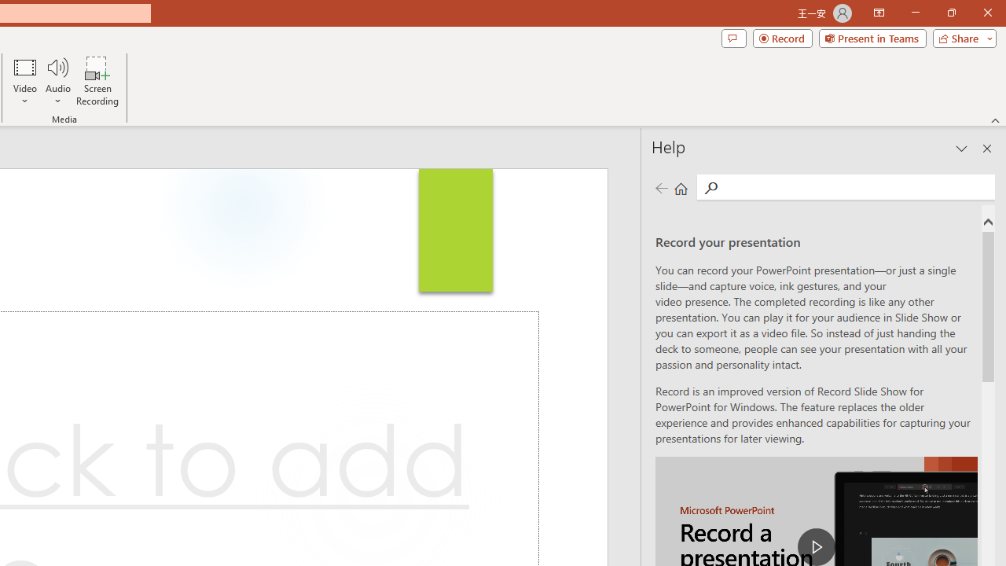 Image resolution: width=1006 pixels, height=566 pixels. What do you see at coordinates (57, 81) in the screenshot?
I see `'Audio'` at bounding box center [57, 81].